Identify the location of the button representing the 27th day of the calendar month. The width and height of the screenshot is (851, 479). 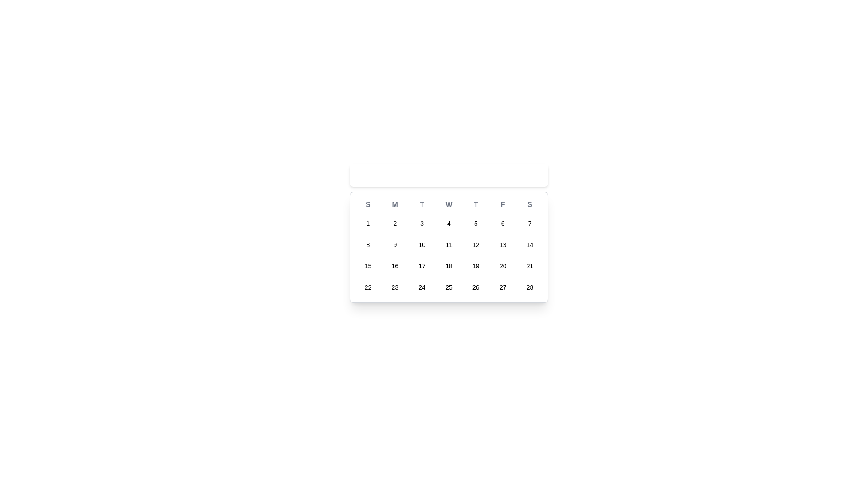
(502, 287).